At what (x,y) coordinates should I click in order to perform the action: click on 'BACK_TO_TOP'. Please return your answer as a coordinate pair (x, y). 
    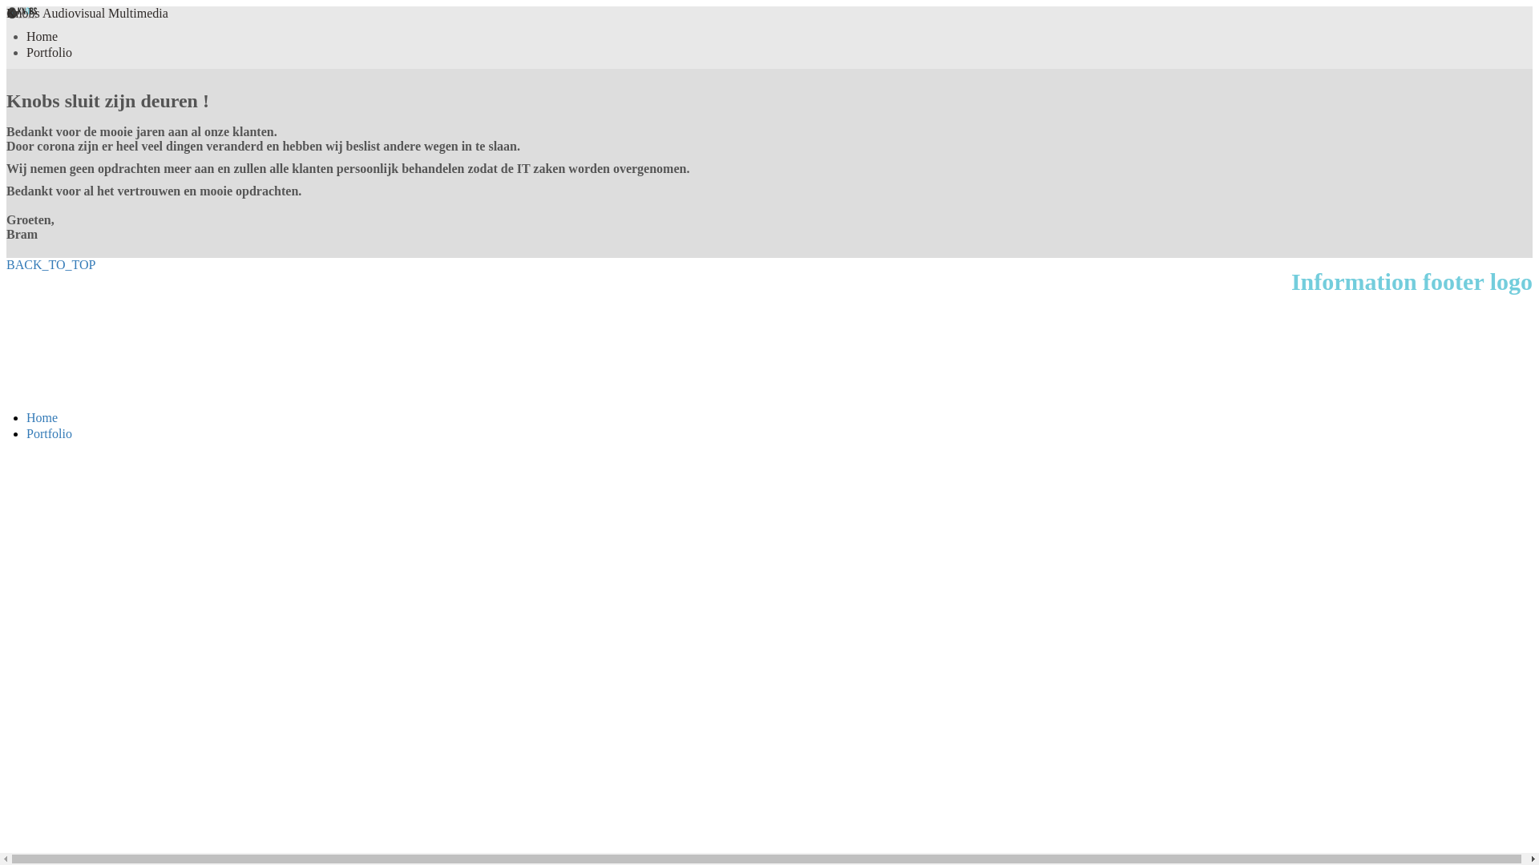
    Looking at the image, I should click on (50, 264).